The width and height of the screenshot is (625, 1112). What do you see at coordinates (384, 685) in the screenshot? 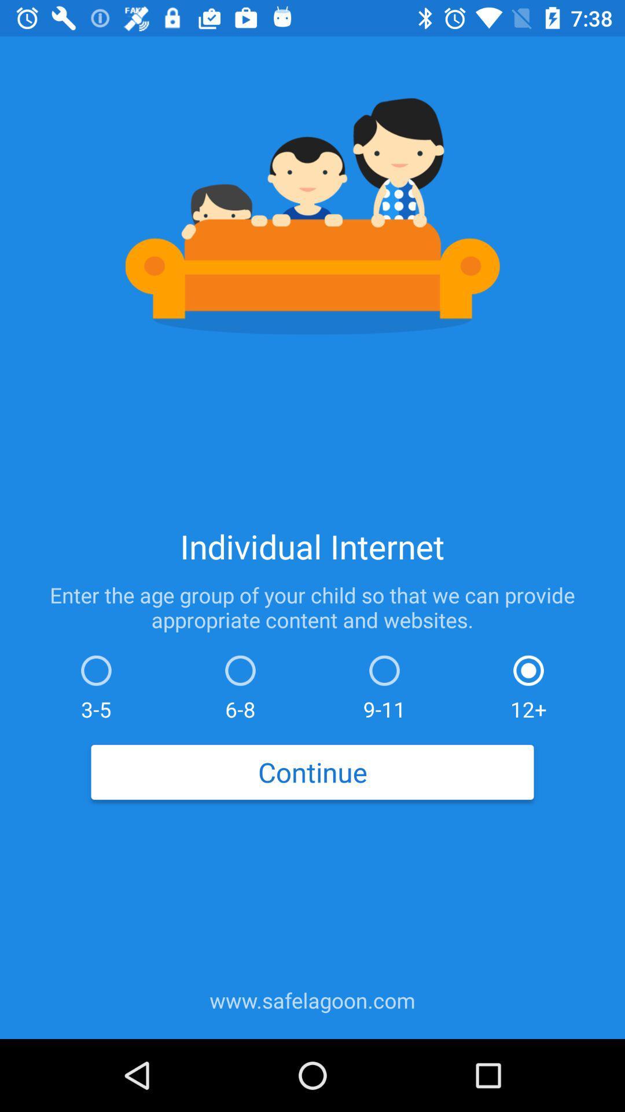
I see `the icon above continue` at bounding box center [384, 685].